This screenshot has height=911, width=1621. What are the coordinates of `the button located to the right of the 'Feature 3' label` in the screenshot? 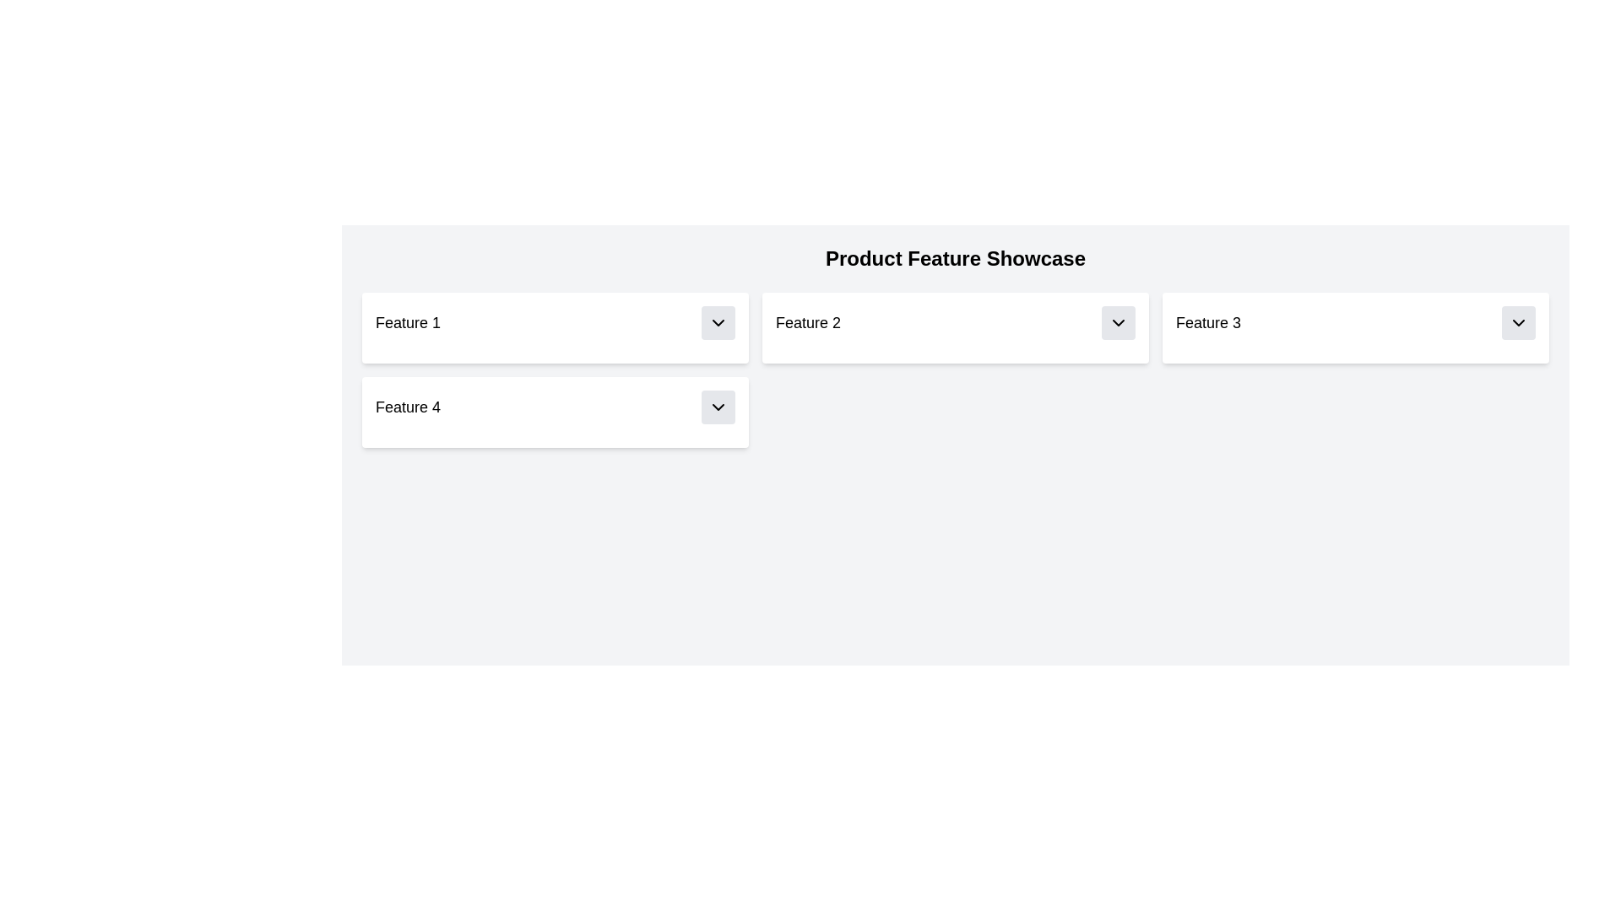 It's located at (1519, 322).